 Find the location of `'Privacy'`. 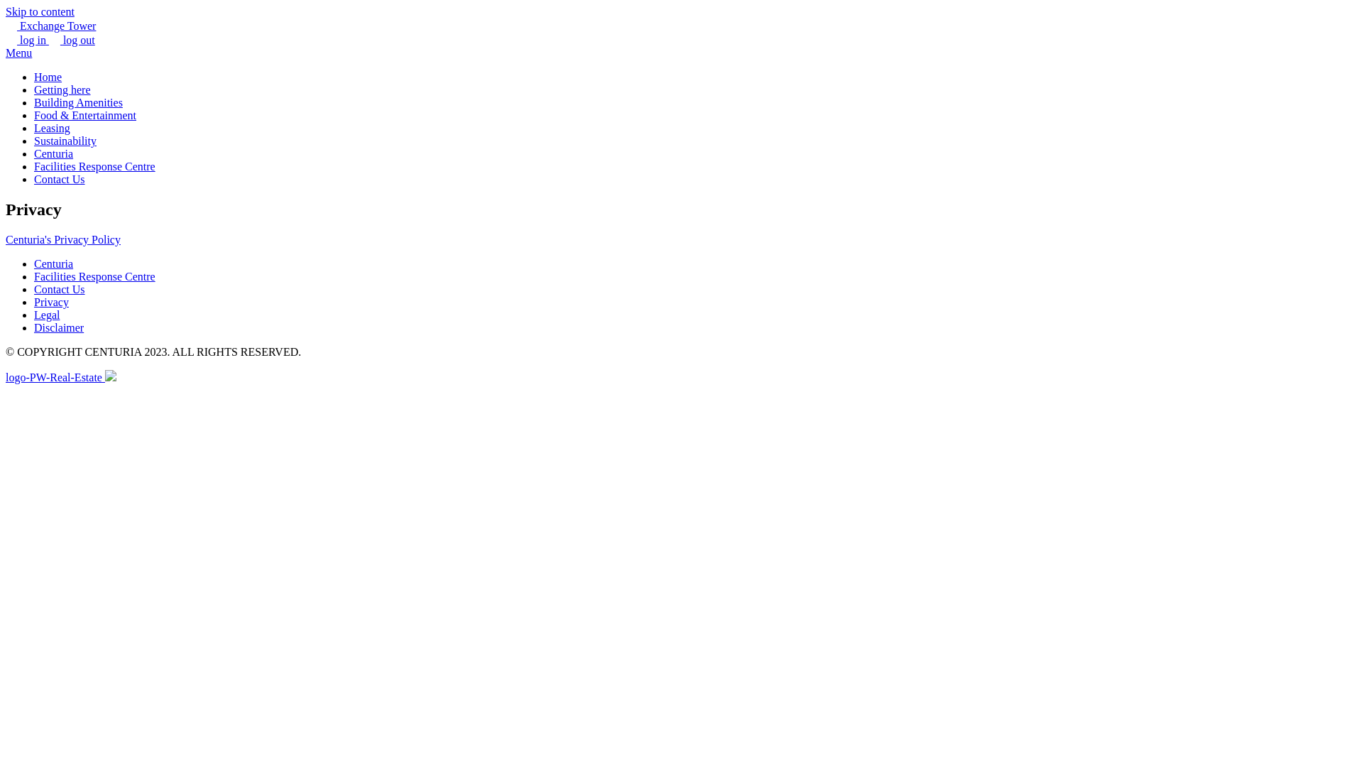

'Privacy' is located at coordinates (51, 301).